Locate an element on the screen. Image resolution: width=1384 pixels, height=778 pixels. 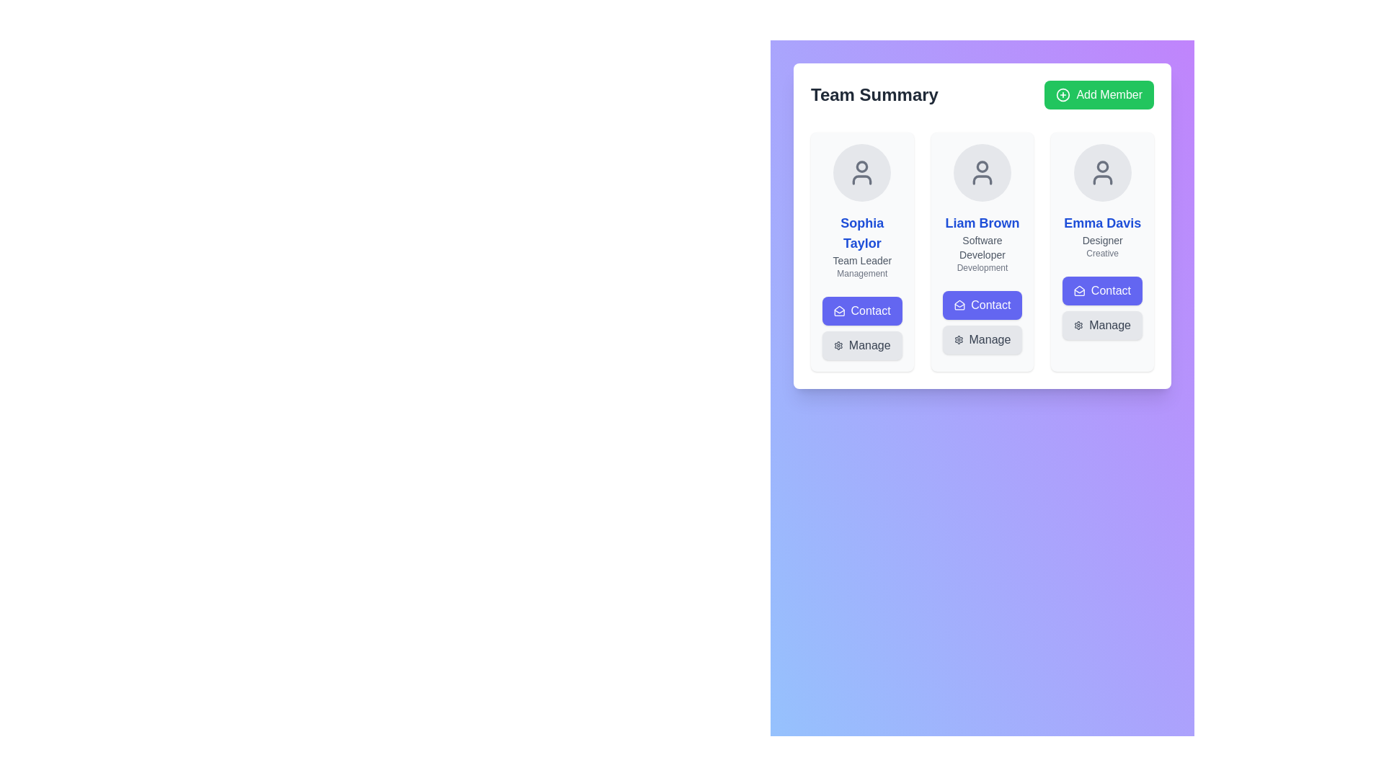
the cog-shaped icon with intricate circular engravings located under the 'Contact' button in the 'Liam Brown' card is located at coordinates (958, 339).